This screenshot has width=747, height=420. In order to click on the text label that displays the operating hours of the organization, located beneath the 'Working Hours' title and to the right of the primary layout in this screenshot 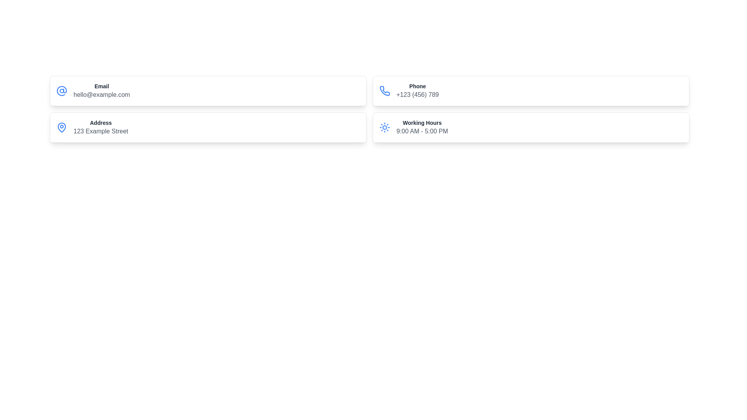, I will do `click(422, 131)`.